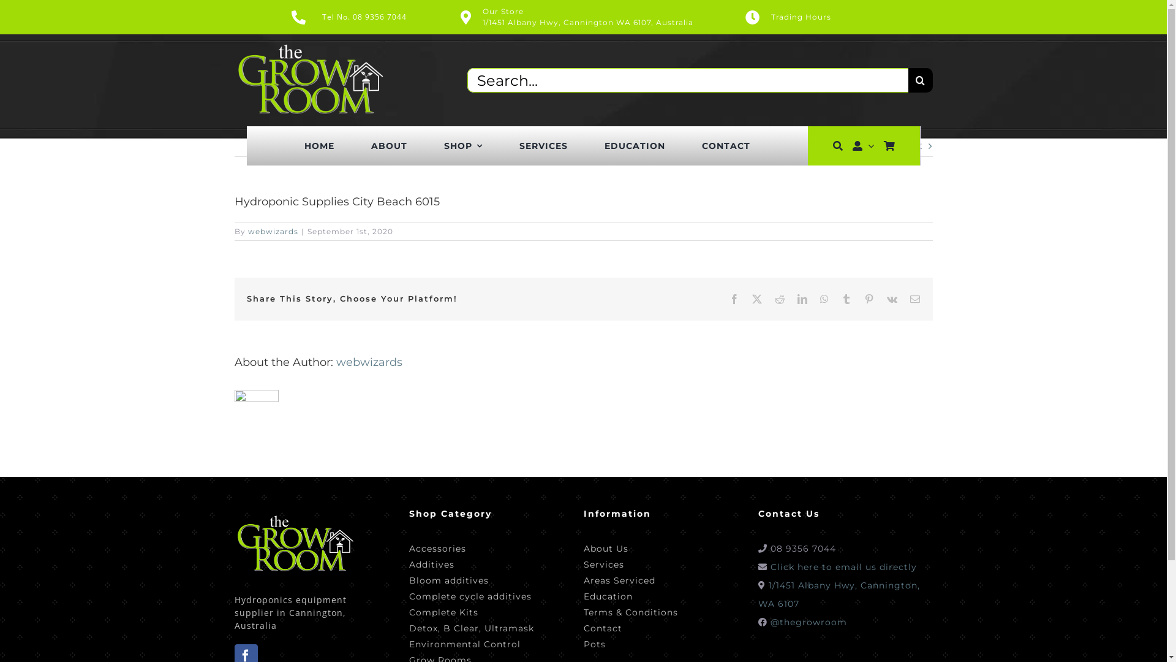 This screenshot has height=662, width=1176. Describe the element at coordinates (470, 579) in the screenshot. I see `'Bloom additives'` at that location.